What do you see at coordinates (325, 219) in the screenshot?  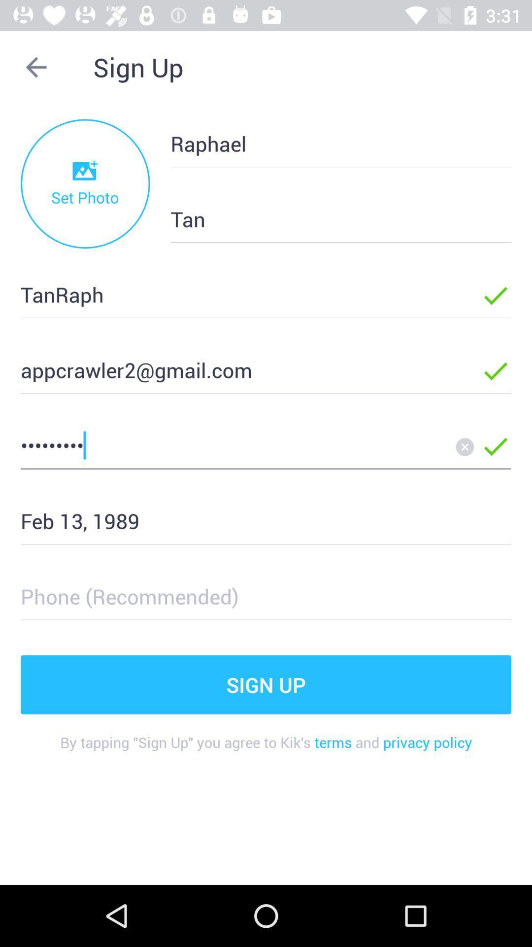 I see `the tan icon` at bounding box center [325, 219].